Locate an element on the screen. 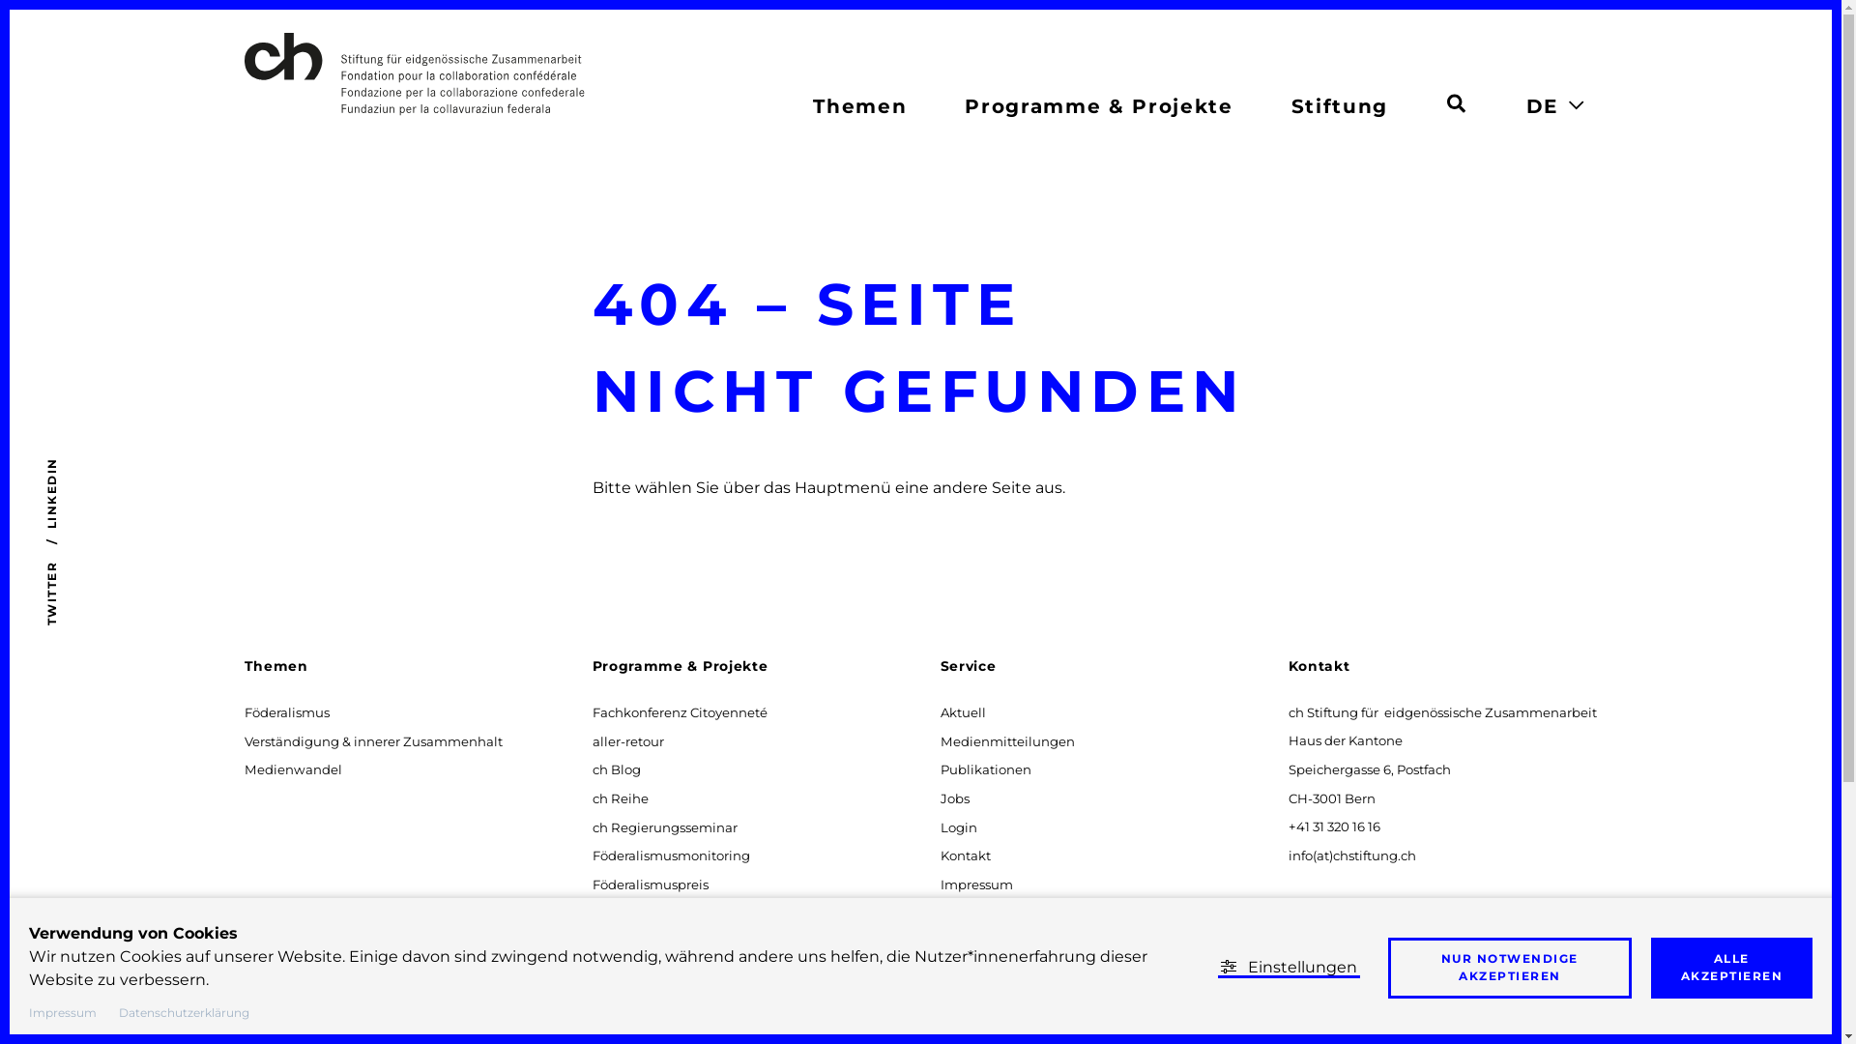 The height and width of the screenshot is (1044, 1856). 'Einstellungen' is located at coordinates (1289, 967).